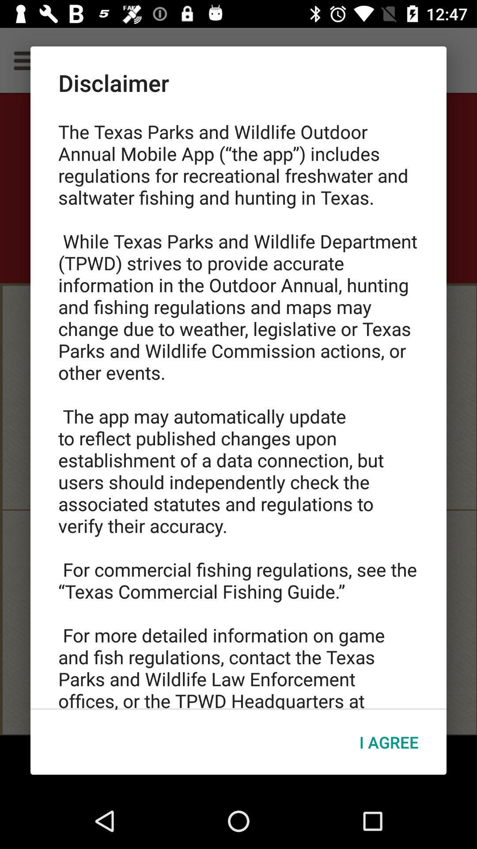  I want to click on i agree button, so click(388, 742).